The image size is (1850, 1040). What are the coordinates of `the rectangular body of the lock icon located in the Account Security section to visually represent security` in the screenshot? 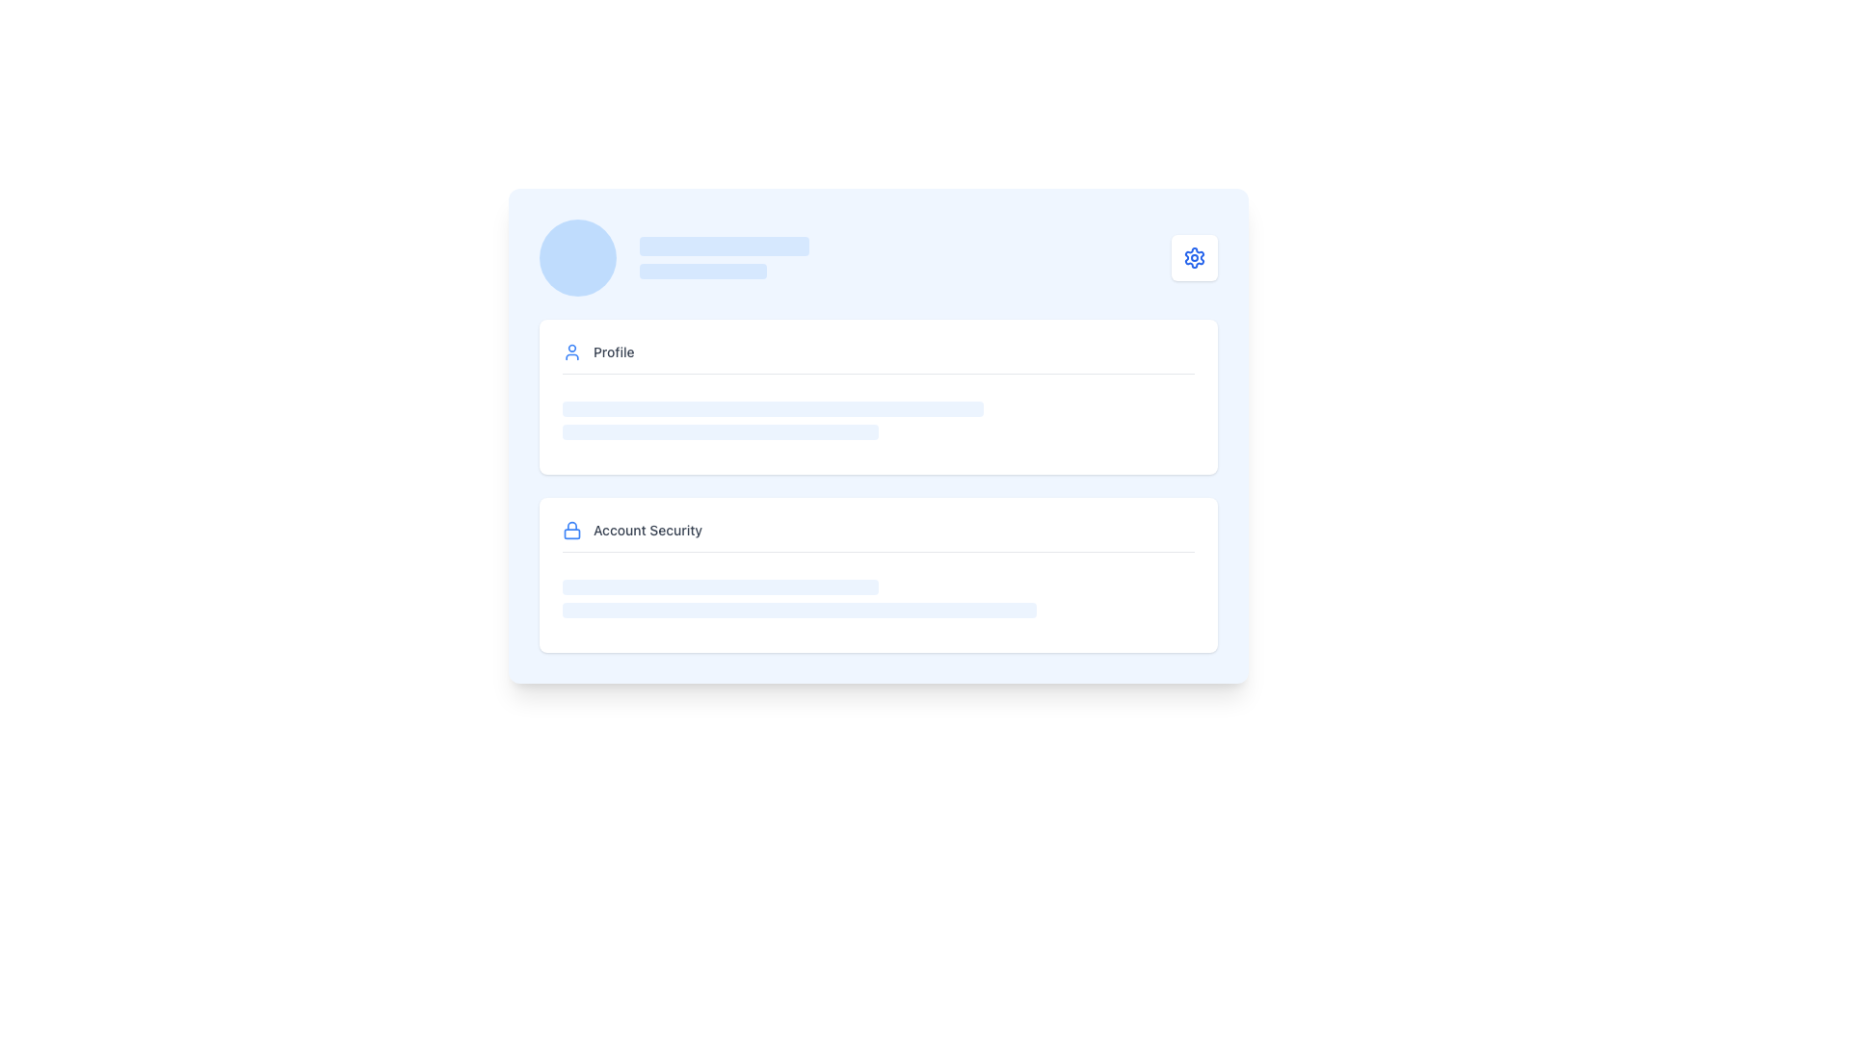 It's located at (571, 533).